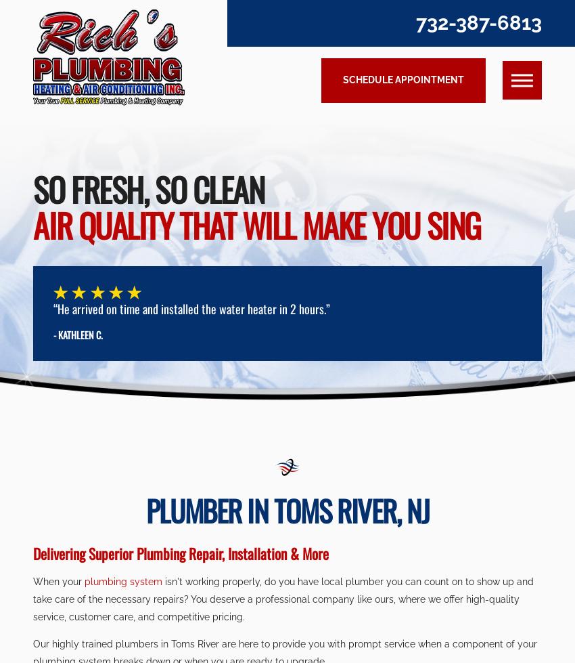 The height and width of the screenshot is (663, 575). Describe the element at coordinates (93, 218) in the screenshot. I see `'Address 2'` at that location.